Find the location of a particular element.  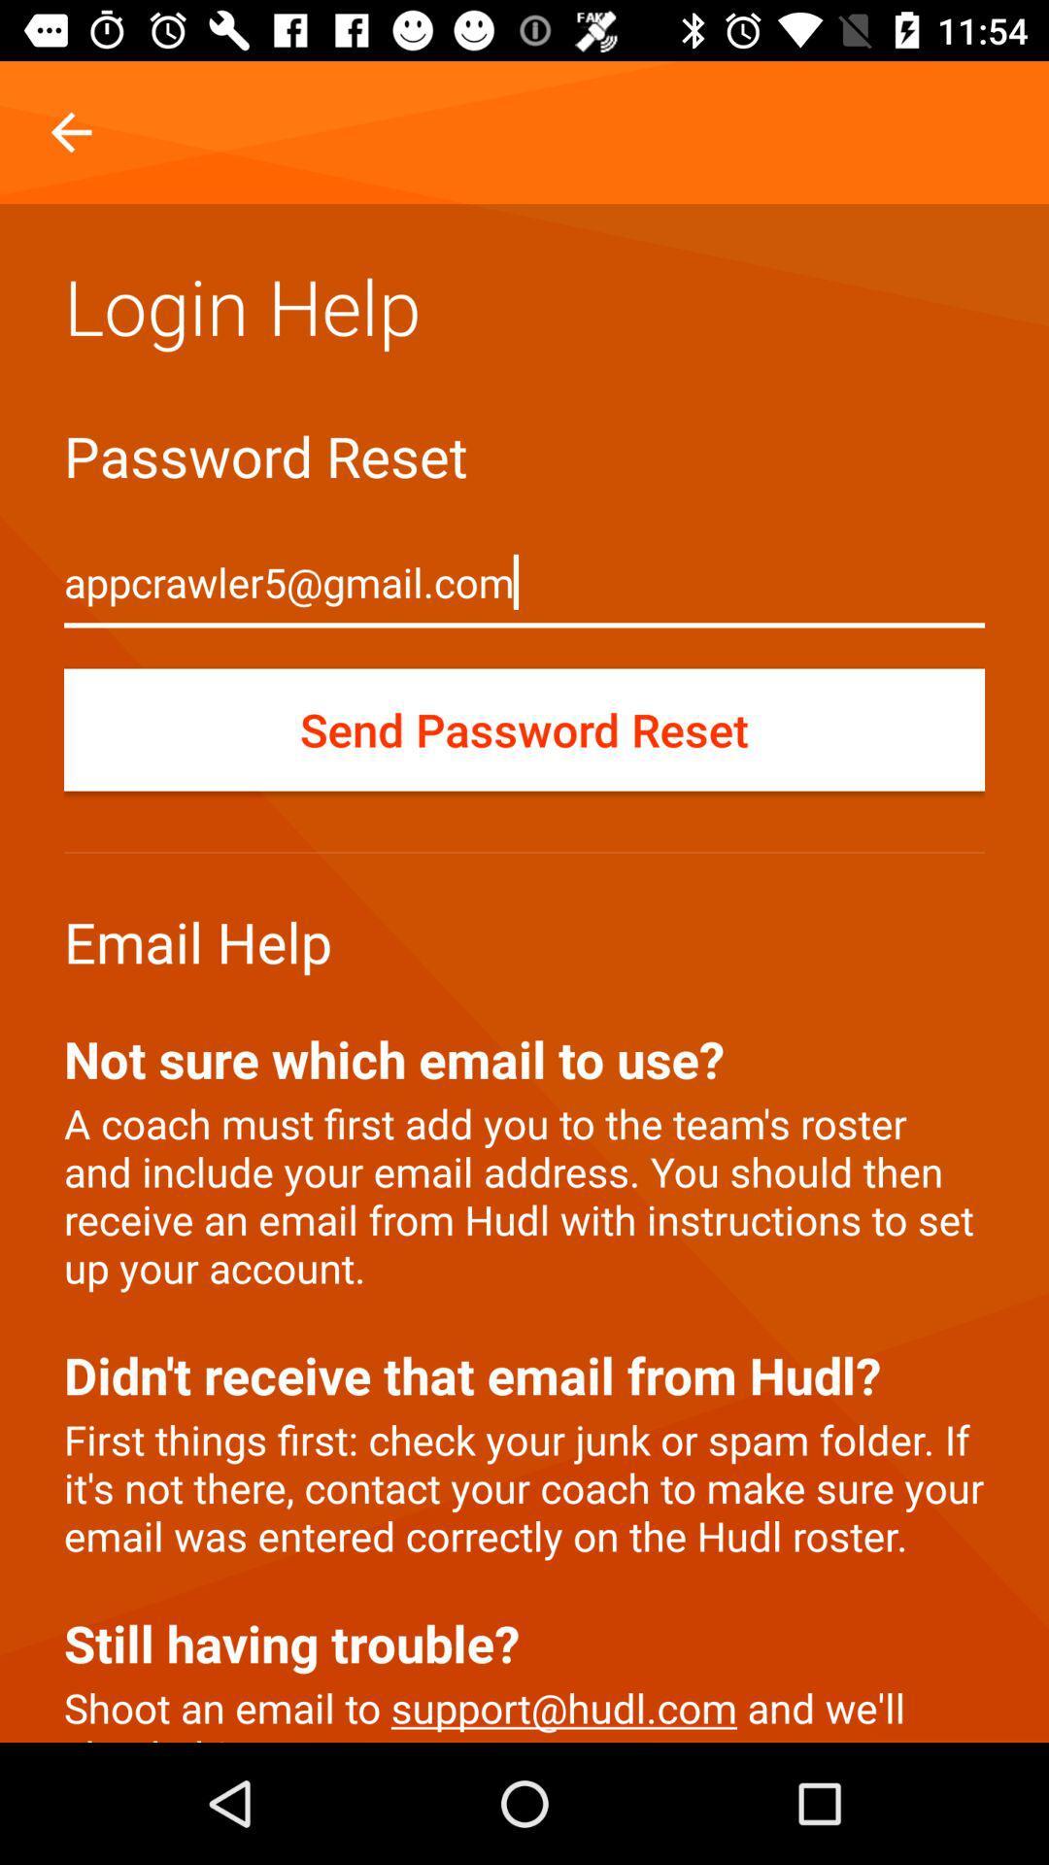

3rd and 4th line of text below the text not sure which email to use is located at coordinates (524, 1269).